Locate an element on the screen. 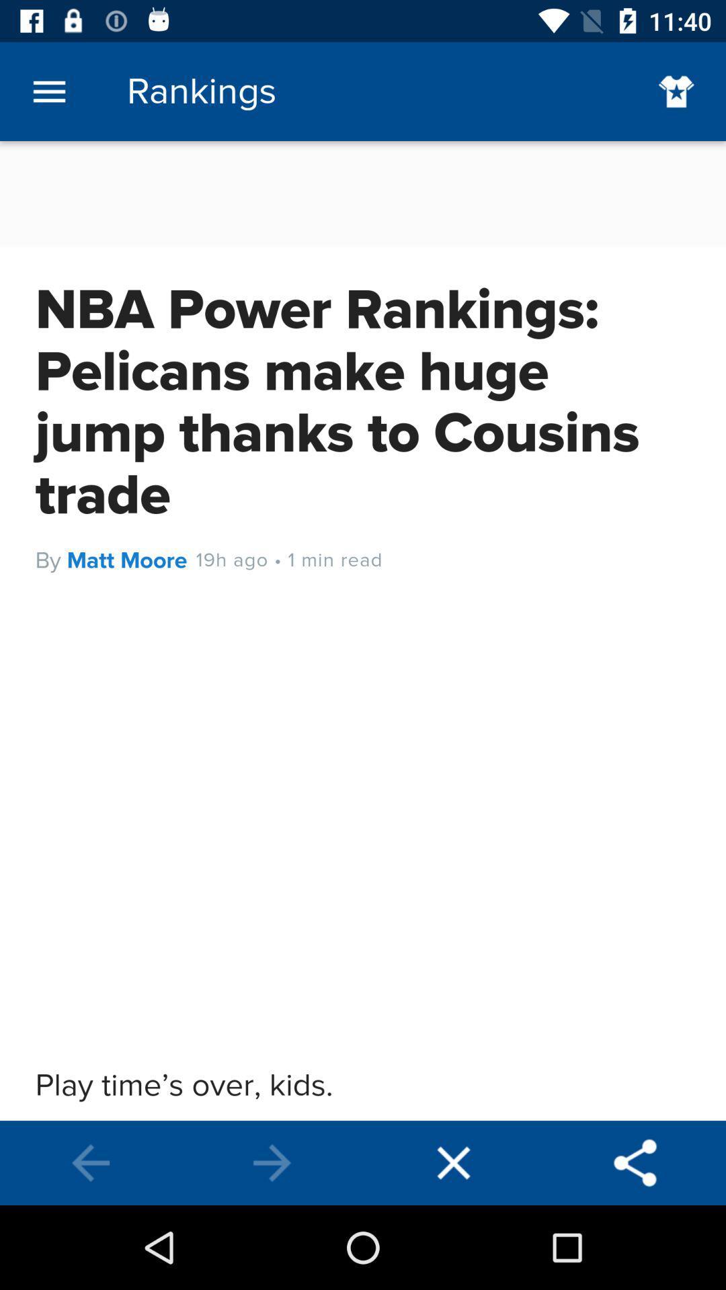 This screenshot has width=726, height=1290. go back is located at coordinates (91, 1162).